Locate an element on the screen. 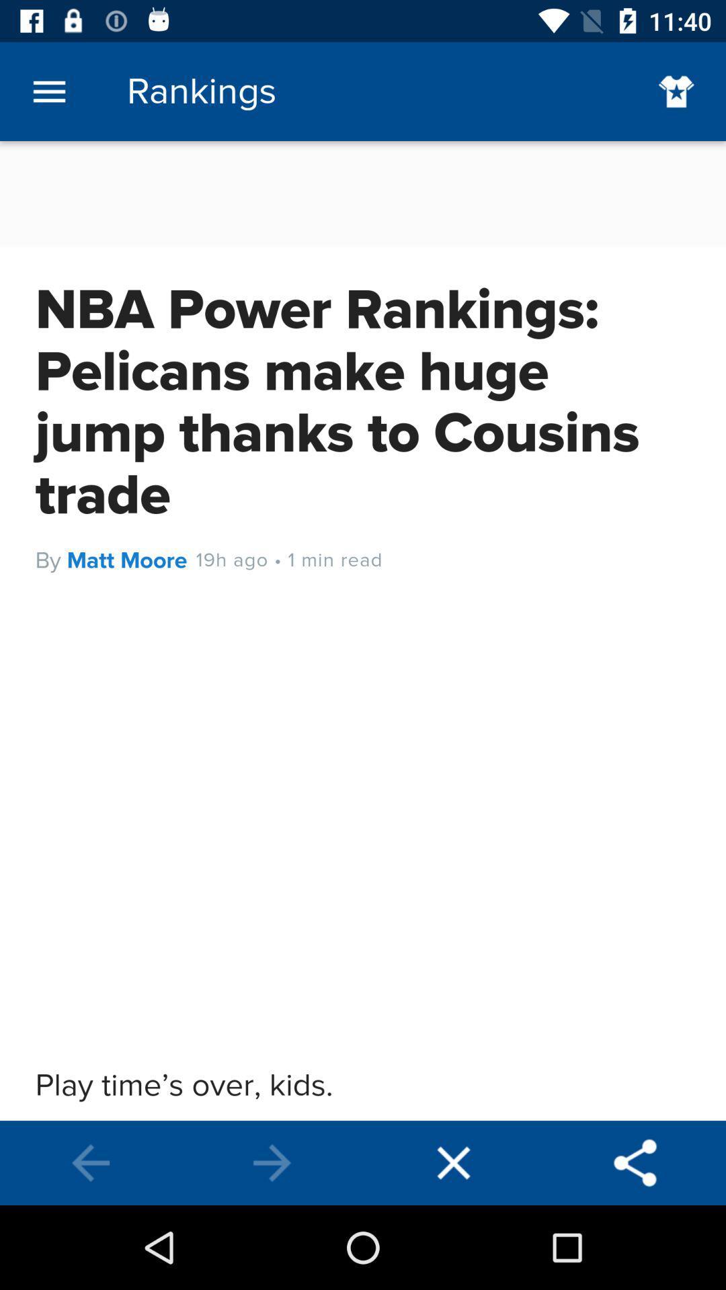 This screenshot has width=726, height=1290. go back is located at coordinates (91, 1162).